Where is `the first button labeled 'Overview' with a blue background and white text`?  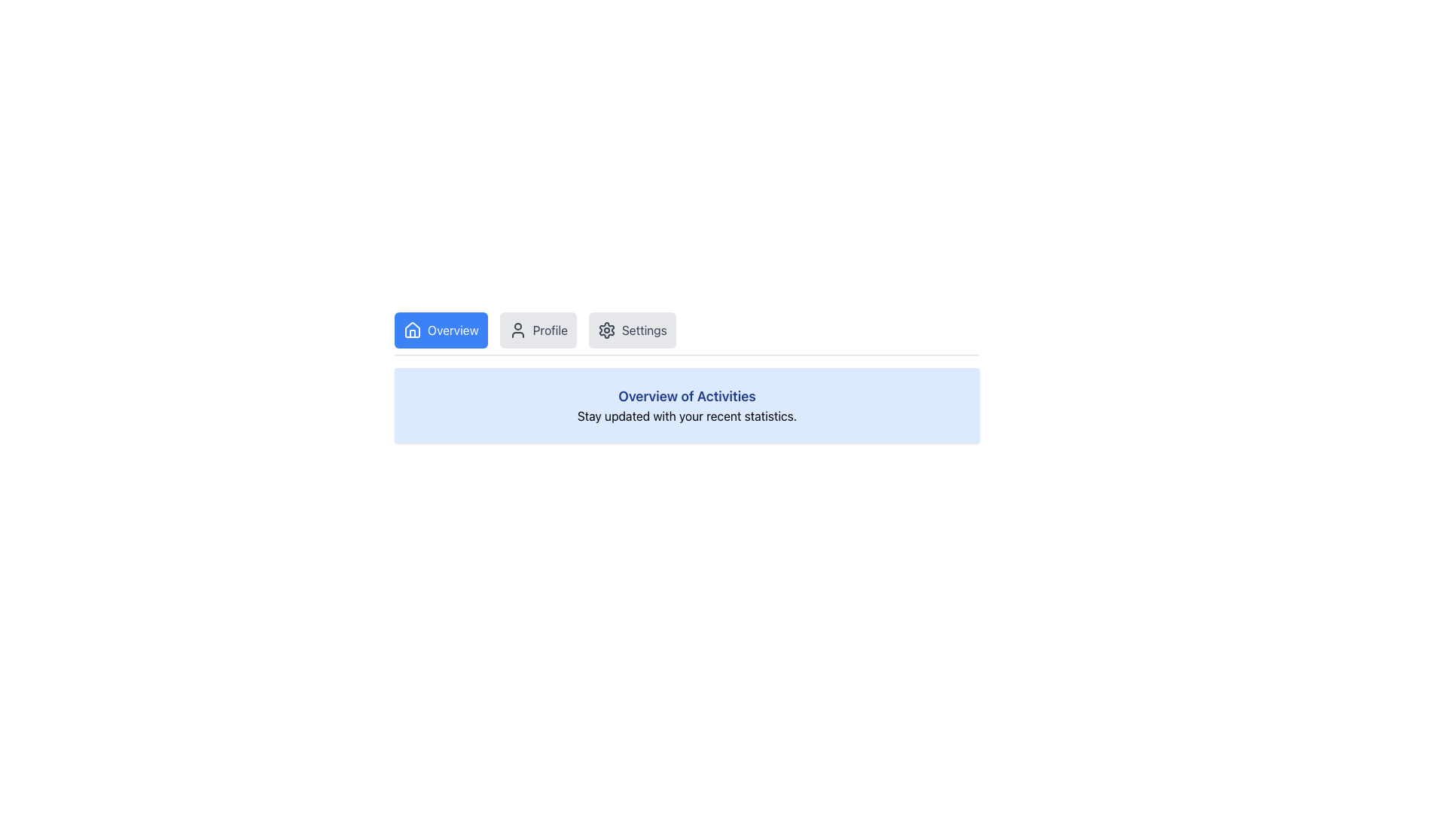 the first button labeled 'Overview' with a blue background and white text is located at coordinates (440, 330).